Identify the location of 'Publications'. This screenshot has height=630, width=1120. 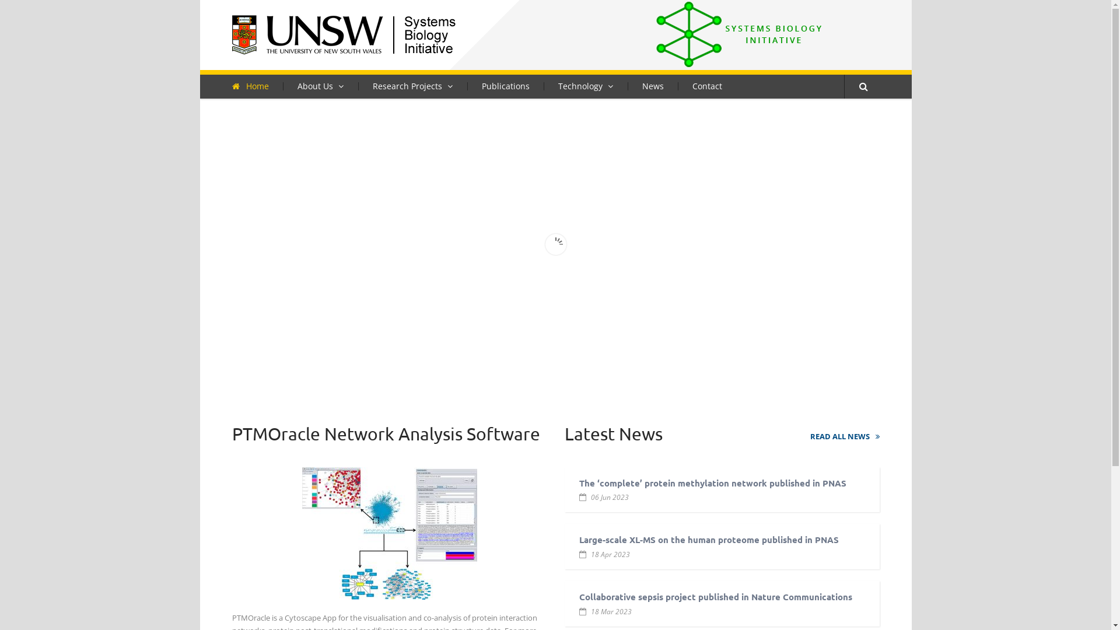
(505, 85).